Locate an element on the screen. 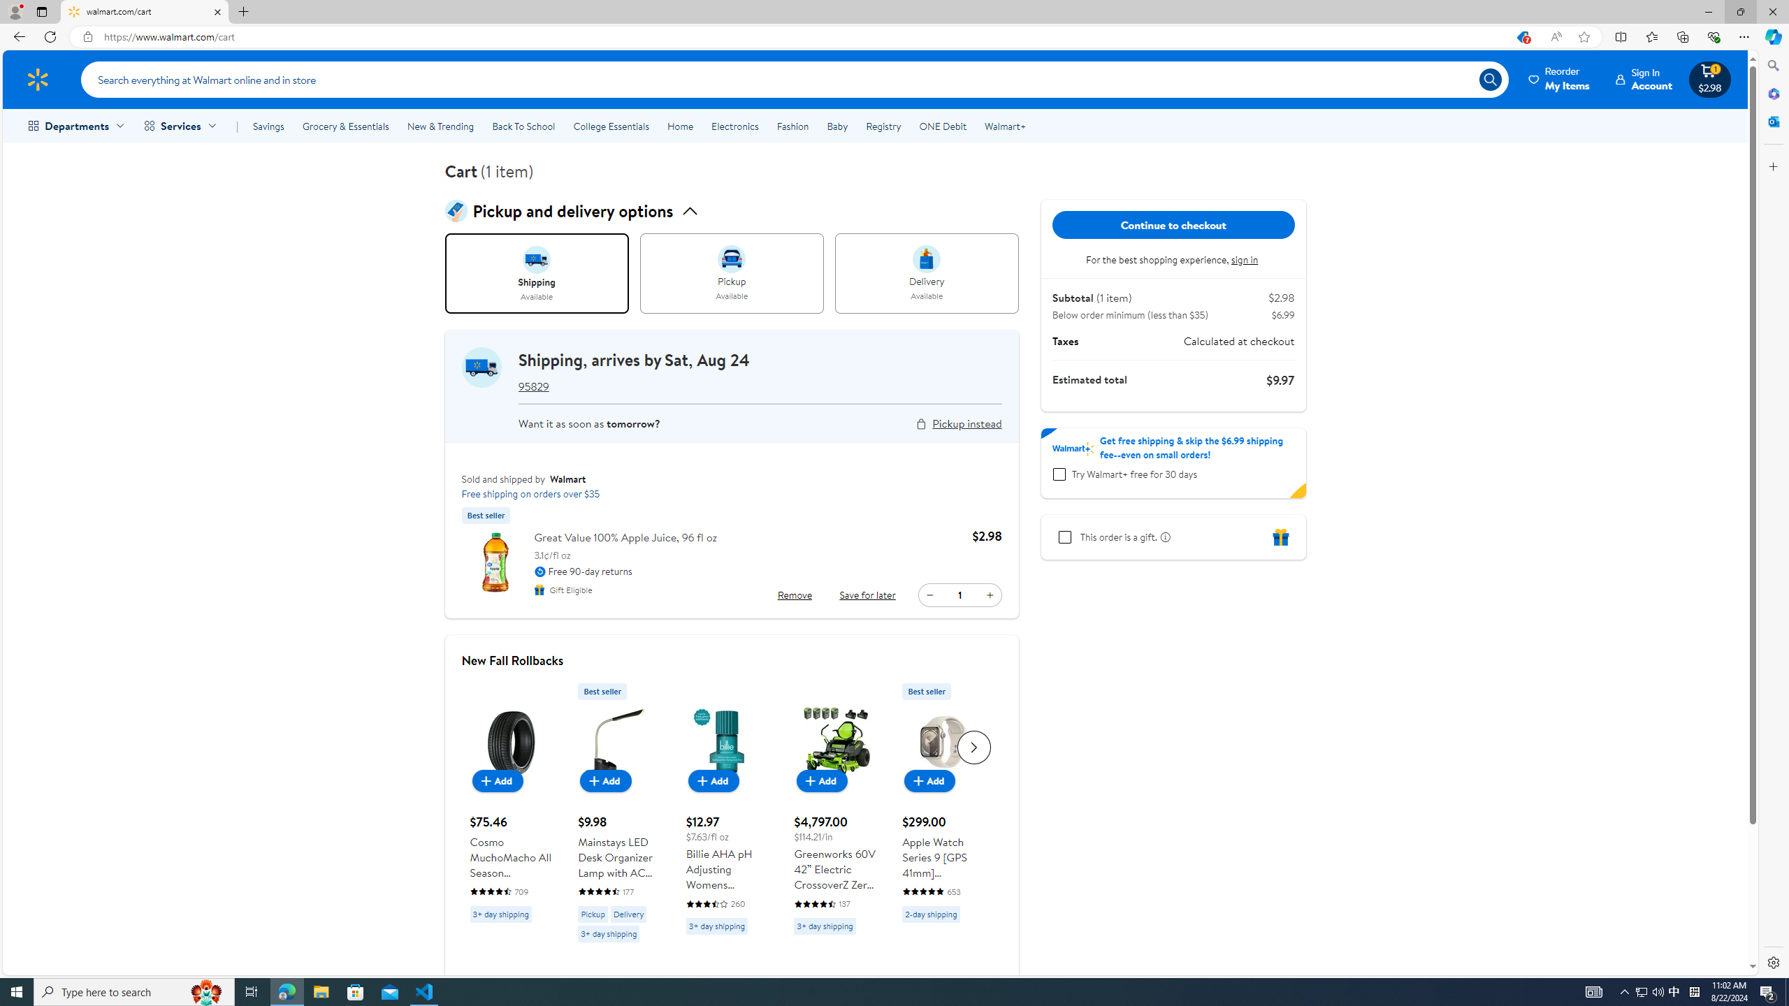  'New & Trending' is located at coordinates (441, 126).